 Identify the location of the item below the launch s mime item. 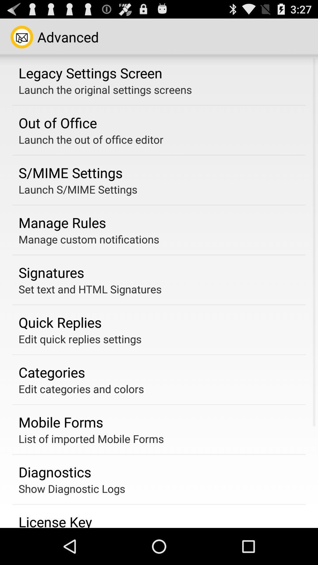
(62, 222).